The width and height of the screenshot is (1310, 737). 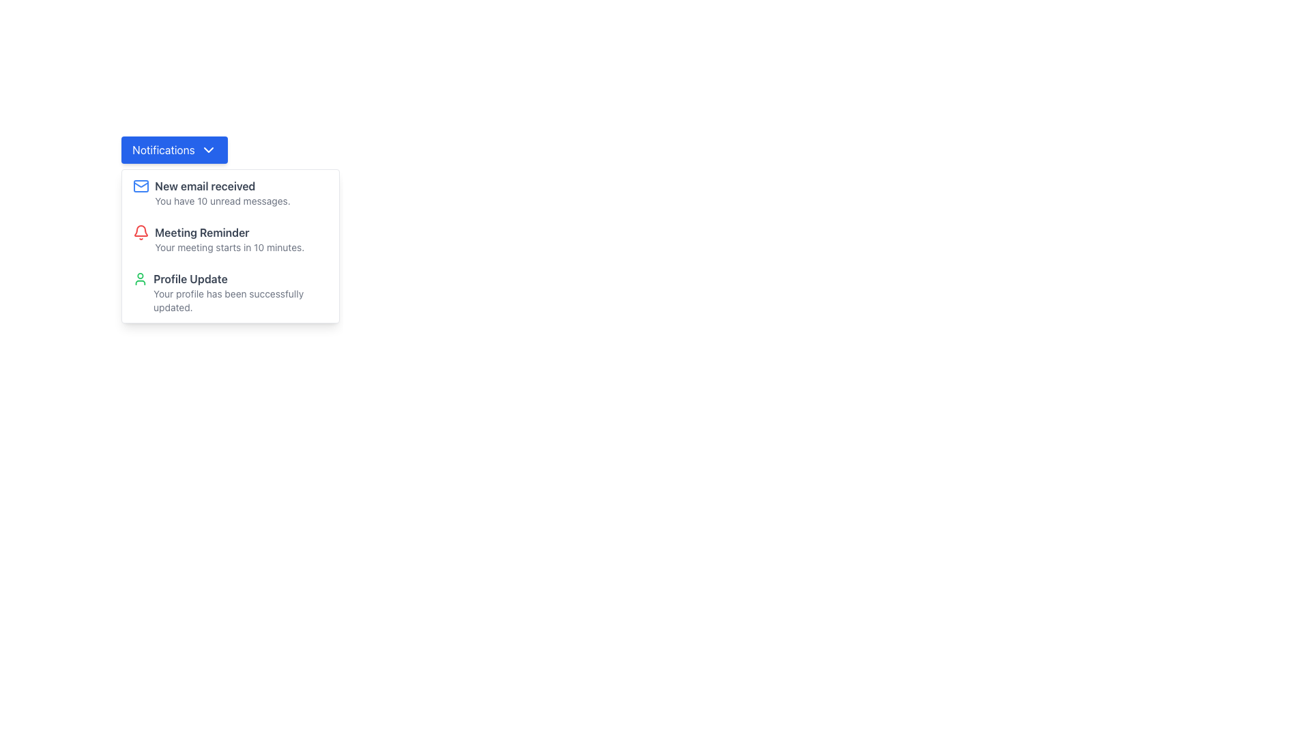 I want to click on the first notification item in the dropdown panel that displays a blue envelope icon and the text 'New email received', so click(x=231, y=192).